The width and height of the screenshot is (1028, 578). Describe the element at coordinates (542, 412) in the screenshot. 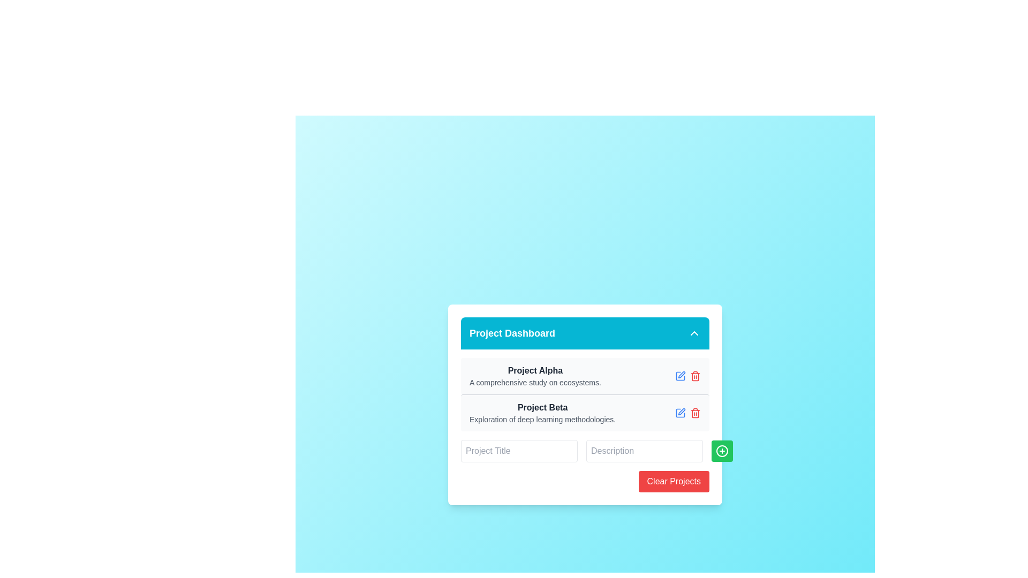

I see `the text block containing the bold title 'Project Beta' and the subtitle 'Exploration of deep learning methodologies.'` at that location.